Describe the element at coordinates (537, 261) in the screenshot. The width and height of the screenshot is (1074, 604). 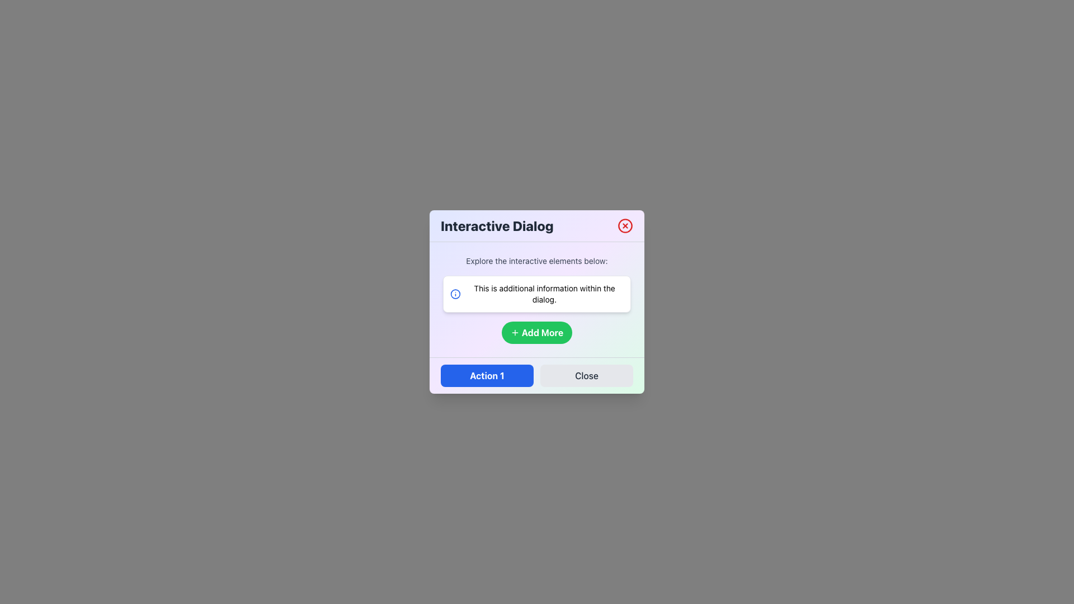
I see `the text label that says 'Explore the interactive elements below:', which is styled as small-sized gray instructional text located at the top of the dialog interface` at that location.